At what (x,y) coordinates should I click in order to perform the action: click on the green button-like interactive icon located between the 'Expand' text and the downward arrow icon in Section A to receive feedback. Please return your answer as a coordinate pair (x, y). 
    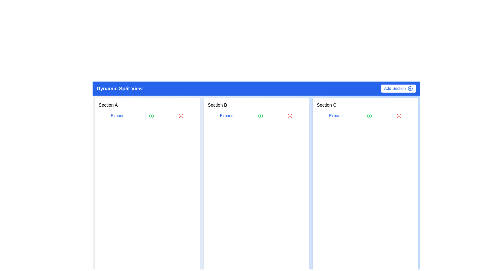
    Looking at the image, I should click on (151, 116).